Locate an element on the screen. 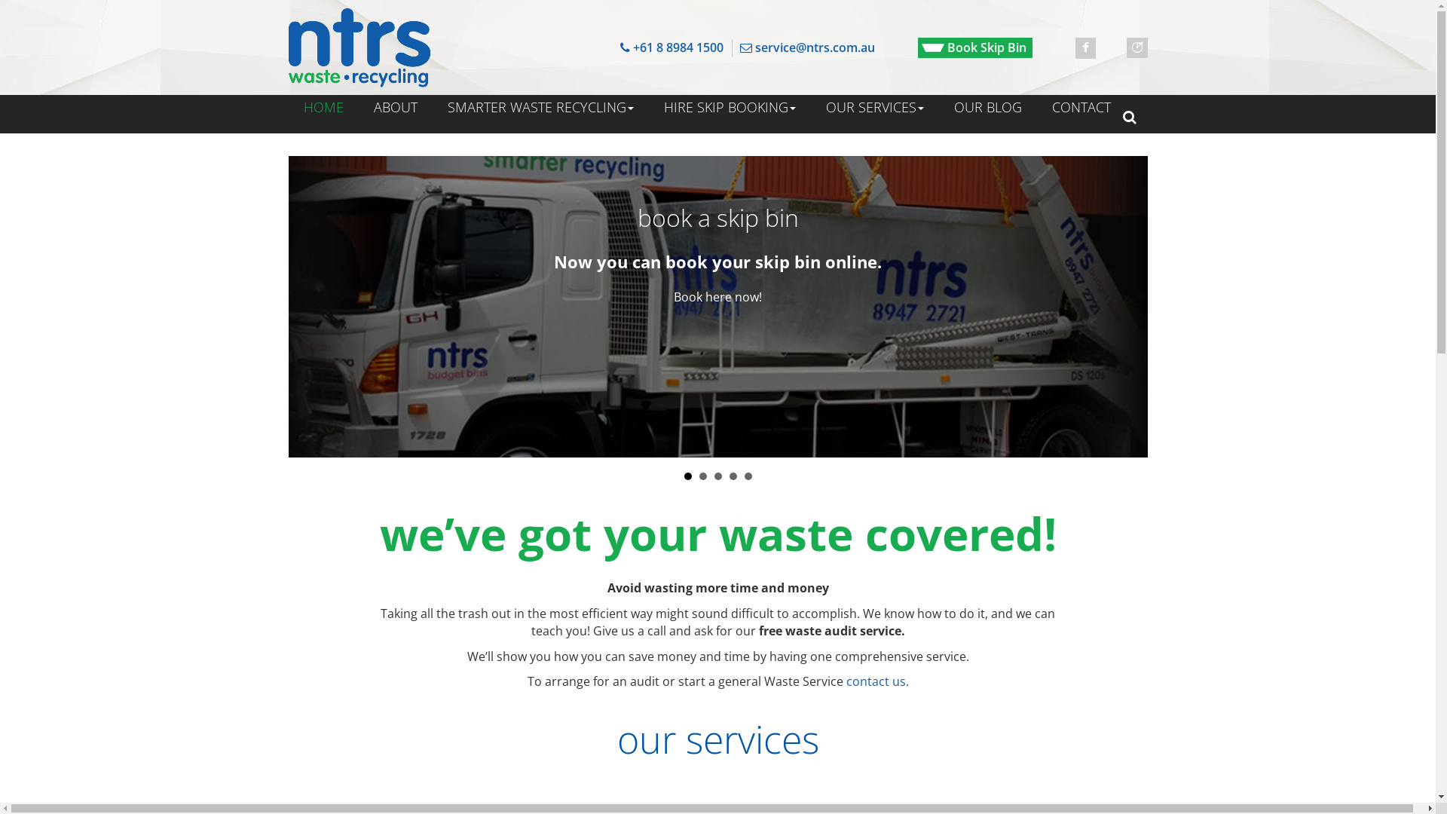  '+61 8 8984 1500' is located at coordinates (671, 47).